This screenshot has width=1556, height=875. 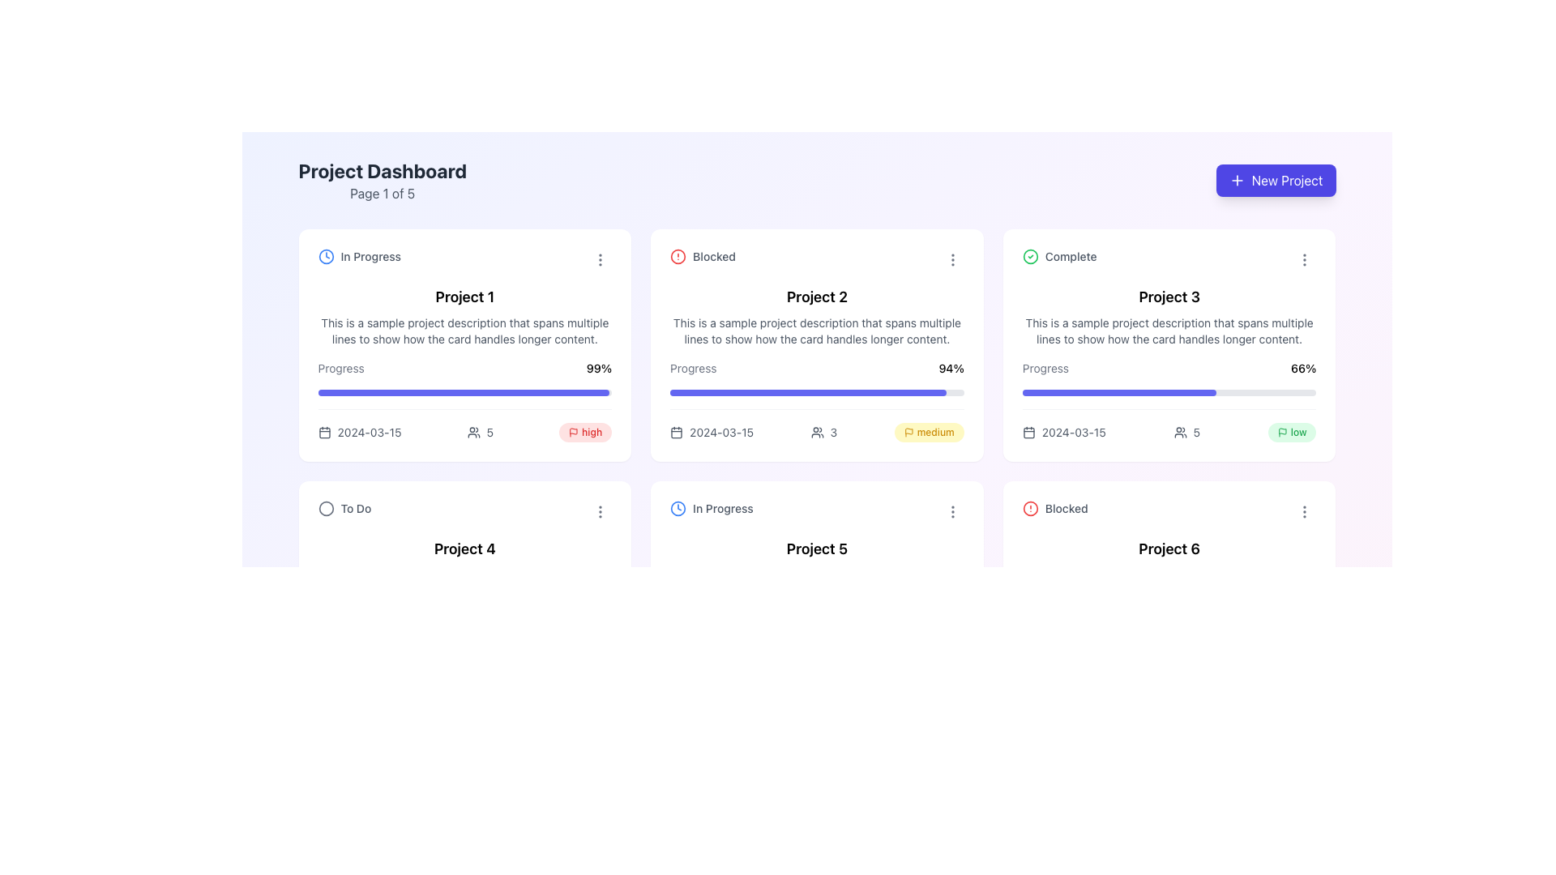 What do you see at coordinates (678, 255) in the screenshot?
I see `the alert icon indicating the project status as 'Blocked', located at the top-left corner of the card for 'Project 2'` at bounding box center [678, 255].